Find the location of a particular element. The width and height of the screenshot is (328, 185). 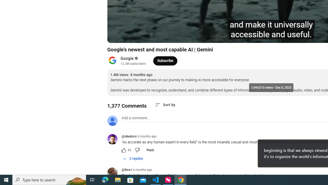

'8 months ago' is located at coordinates (147, 136).